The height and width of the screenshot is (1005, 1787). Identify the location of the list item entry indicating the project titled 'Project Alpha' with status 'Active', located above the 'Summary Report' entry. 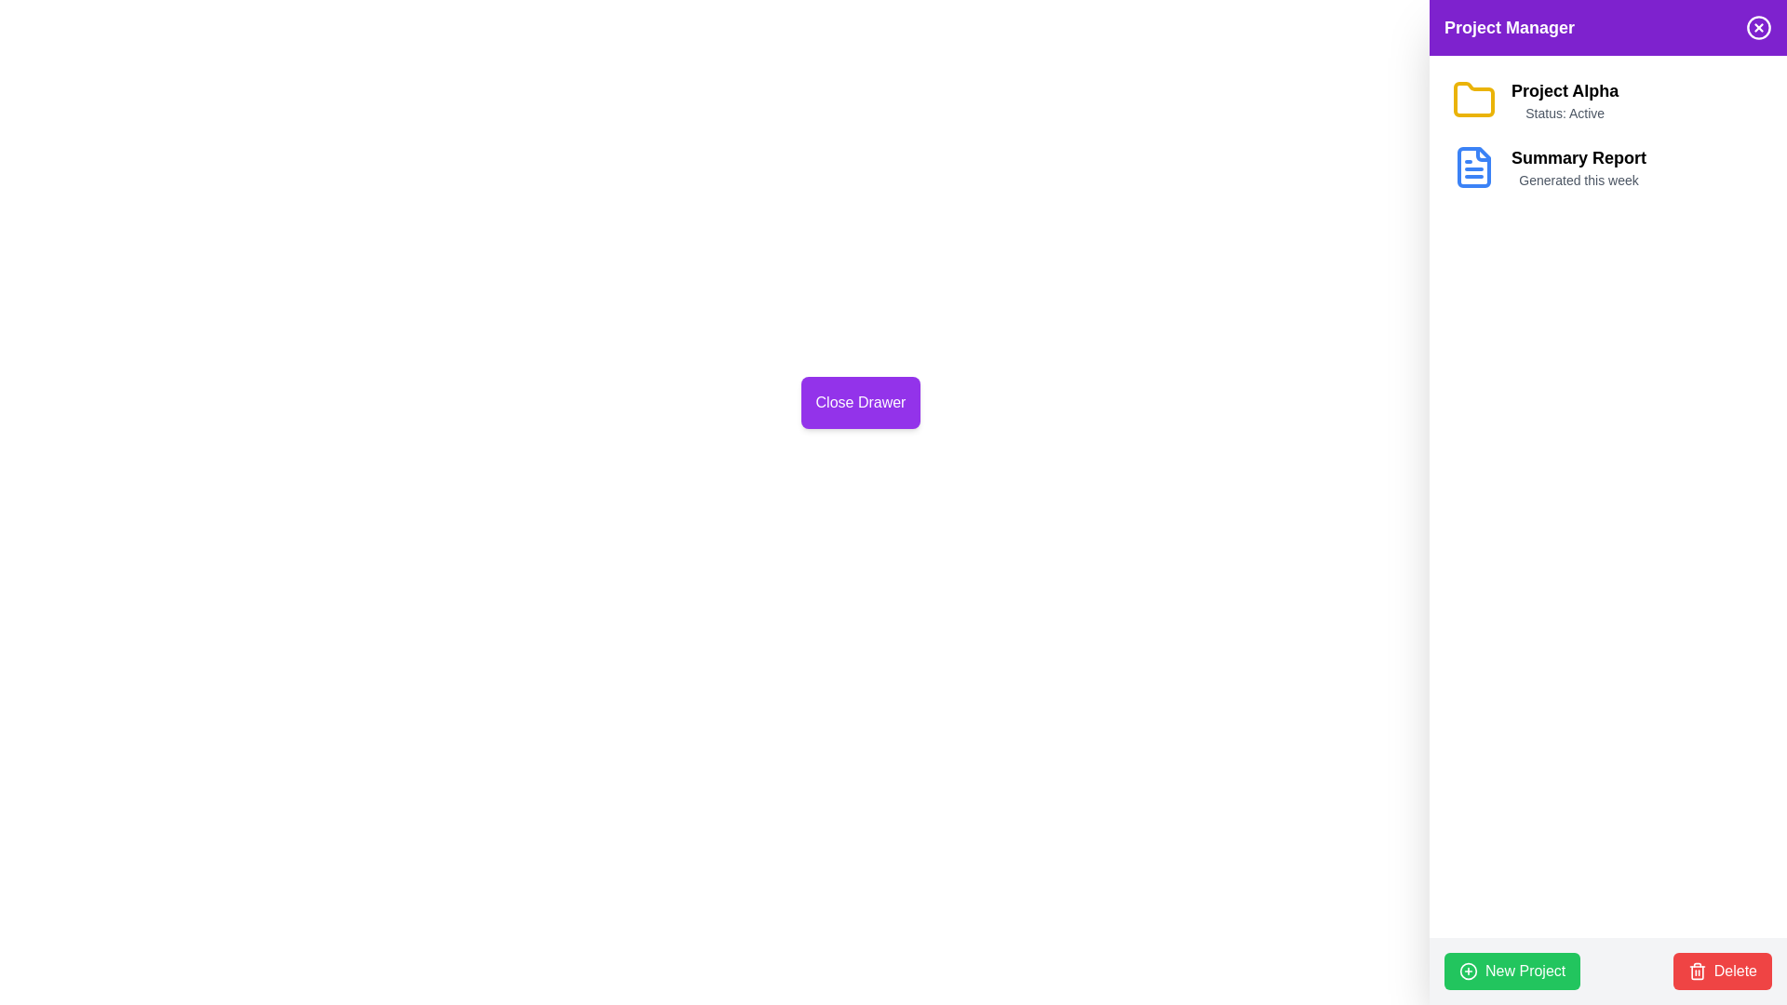
(1607, 100).